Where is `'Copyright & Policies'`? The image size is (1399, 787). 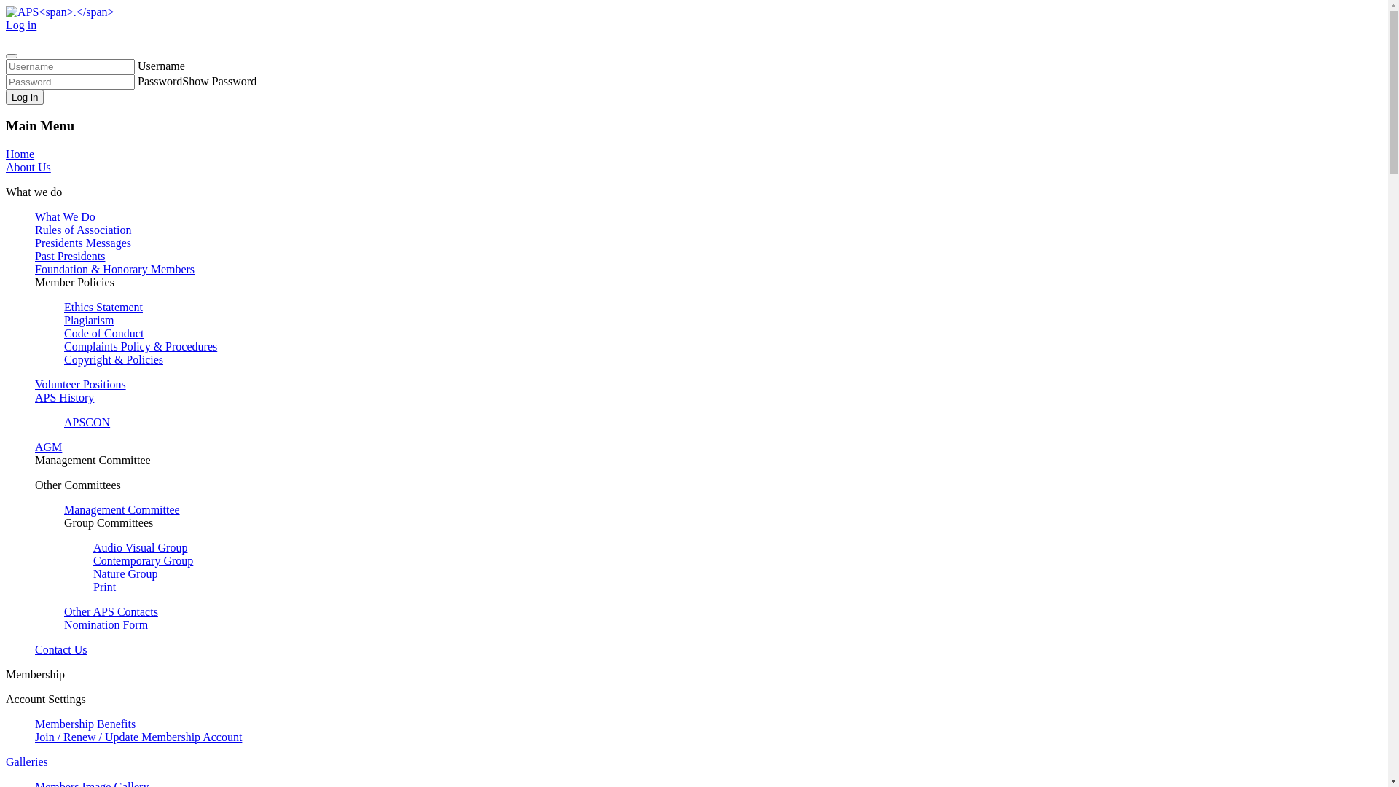
'Copyright & Policies' is located at coordinates (113, 359).